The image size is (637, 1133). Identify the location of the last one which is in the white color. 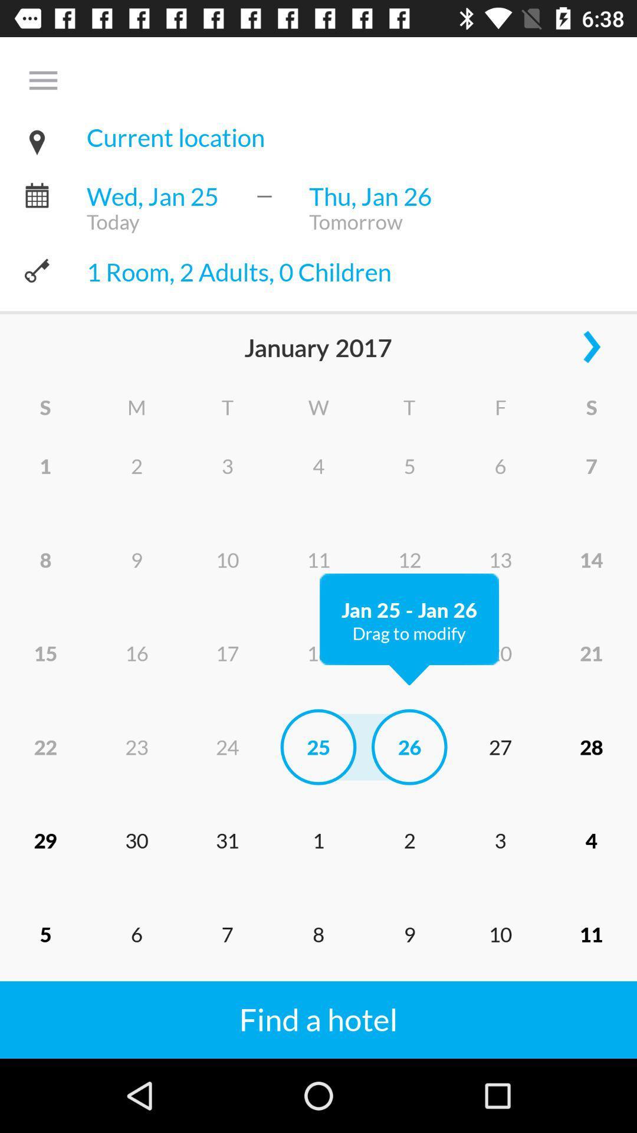
(328, 1005).